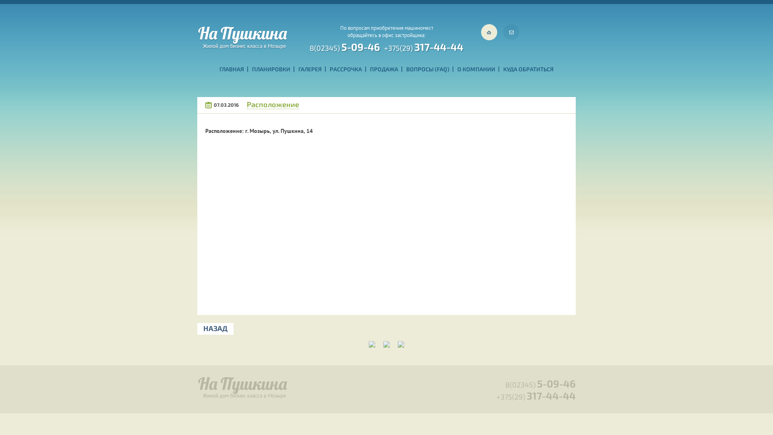  Describe the element at coordinates (423, 46) in the screenshot. I see `'+375(29) 317-44-44'` at that location.